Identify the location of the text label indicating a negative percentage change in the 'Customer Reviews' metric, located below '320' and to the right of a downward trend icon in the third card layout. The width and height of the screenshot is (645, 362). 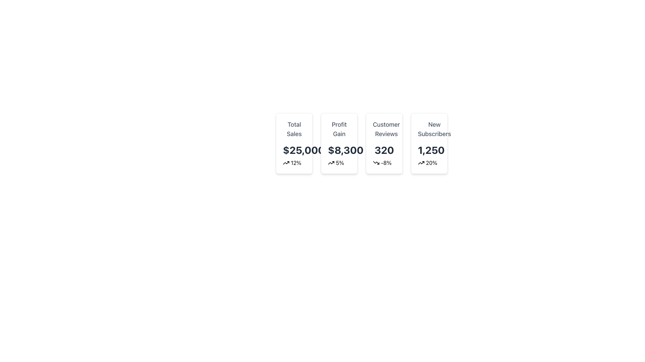
(386, 163).